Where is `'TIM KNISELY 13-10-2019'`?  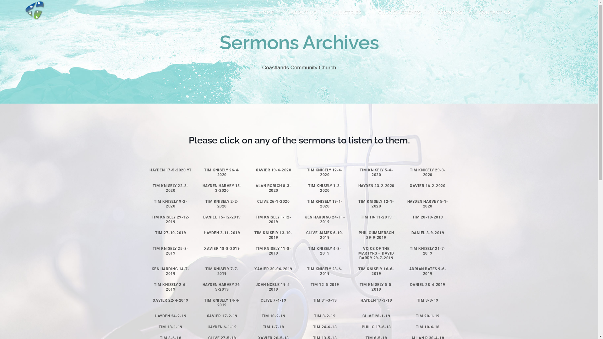
'TIM KNISELY 13-10-2019' is located at coordinates (273, 235).